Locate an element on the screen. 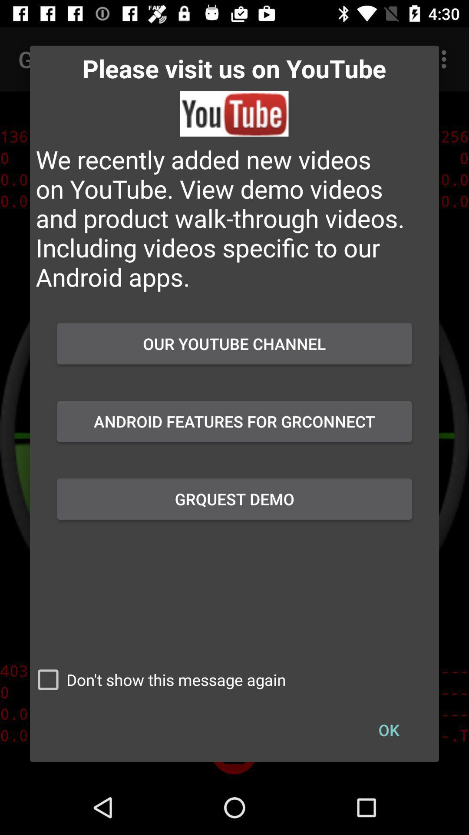 Image resolution: width=469 pixels, height=835 pixels. button next to the ok item is located at coordinates (158, 679).